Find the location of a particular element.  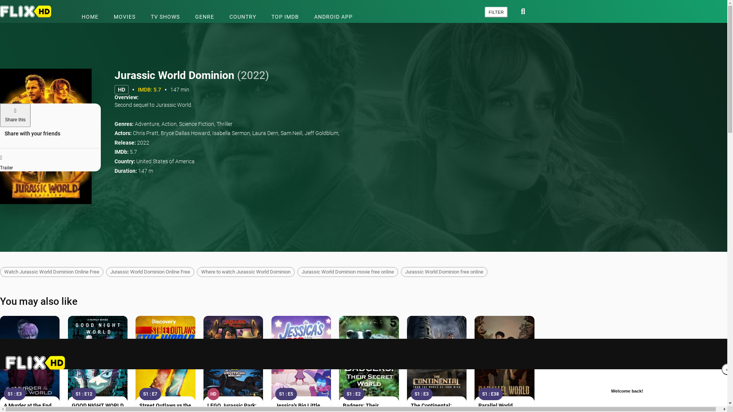

'Laura Dern' is located at coordinates (265, 132).